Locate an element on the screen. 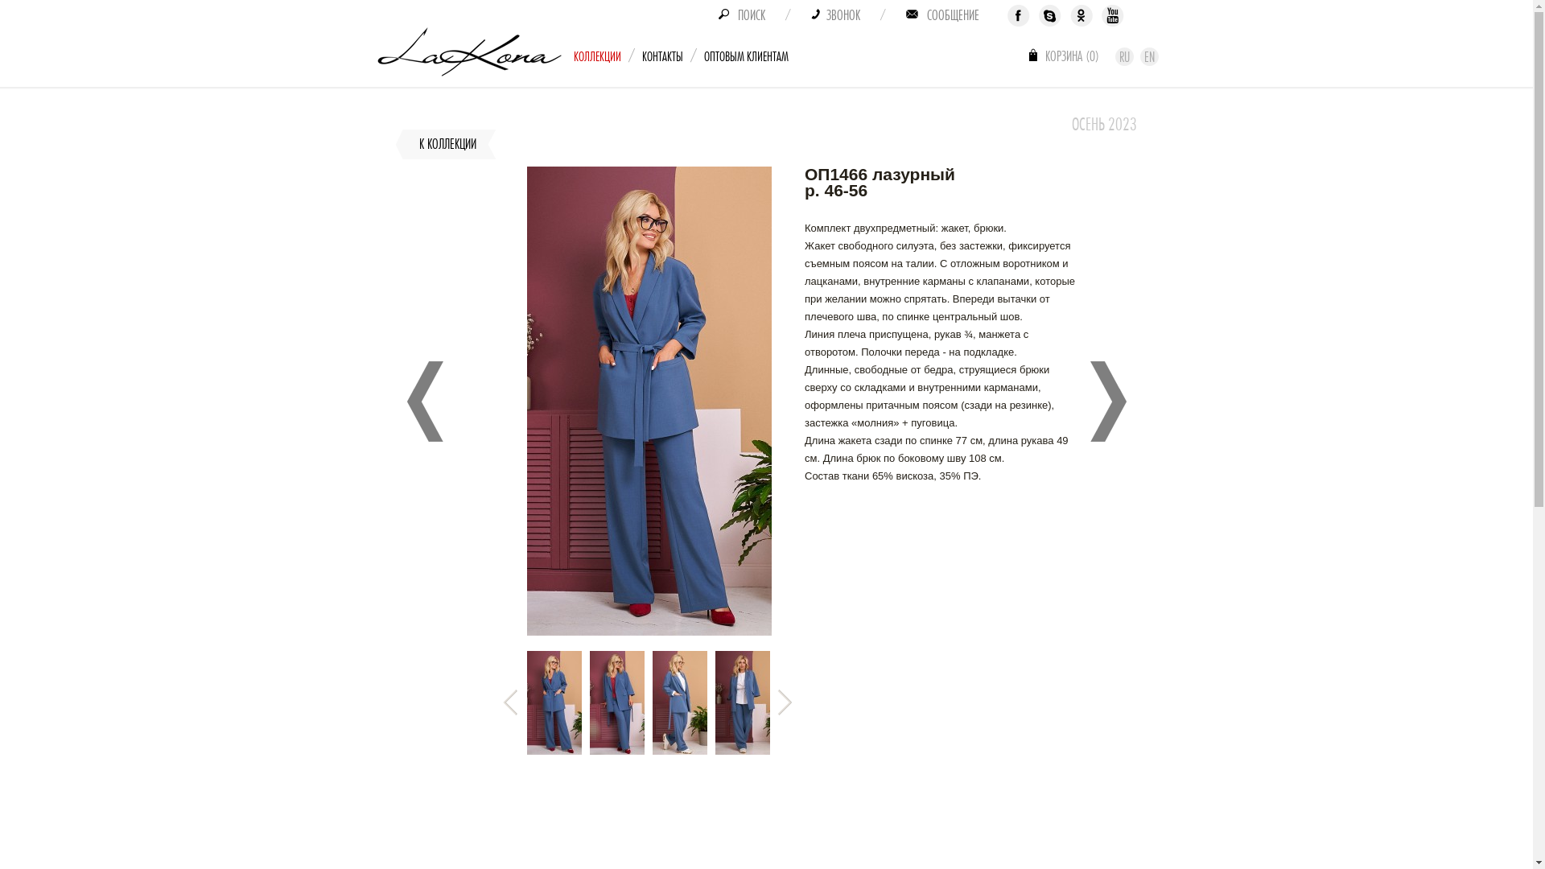  'EN' is located at coordinates (1148, 56).